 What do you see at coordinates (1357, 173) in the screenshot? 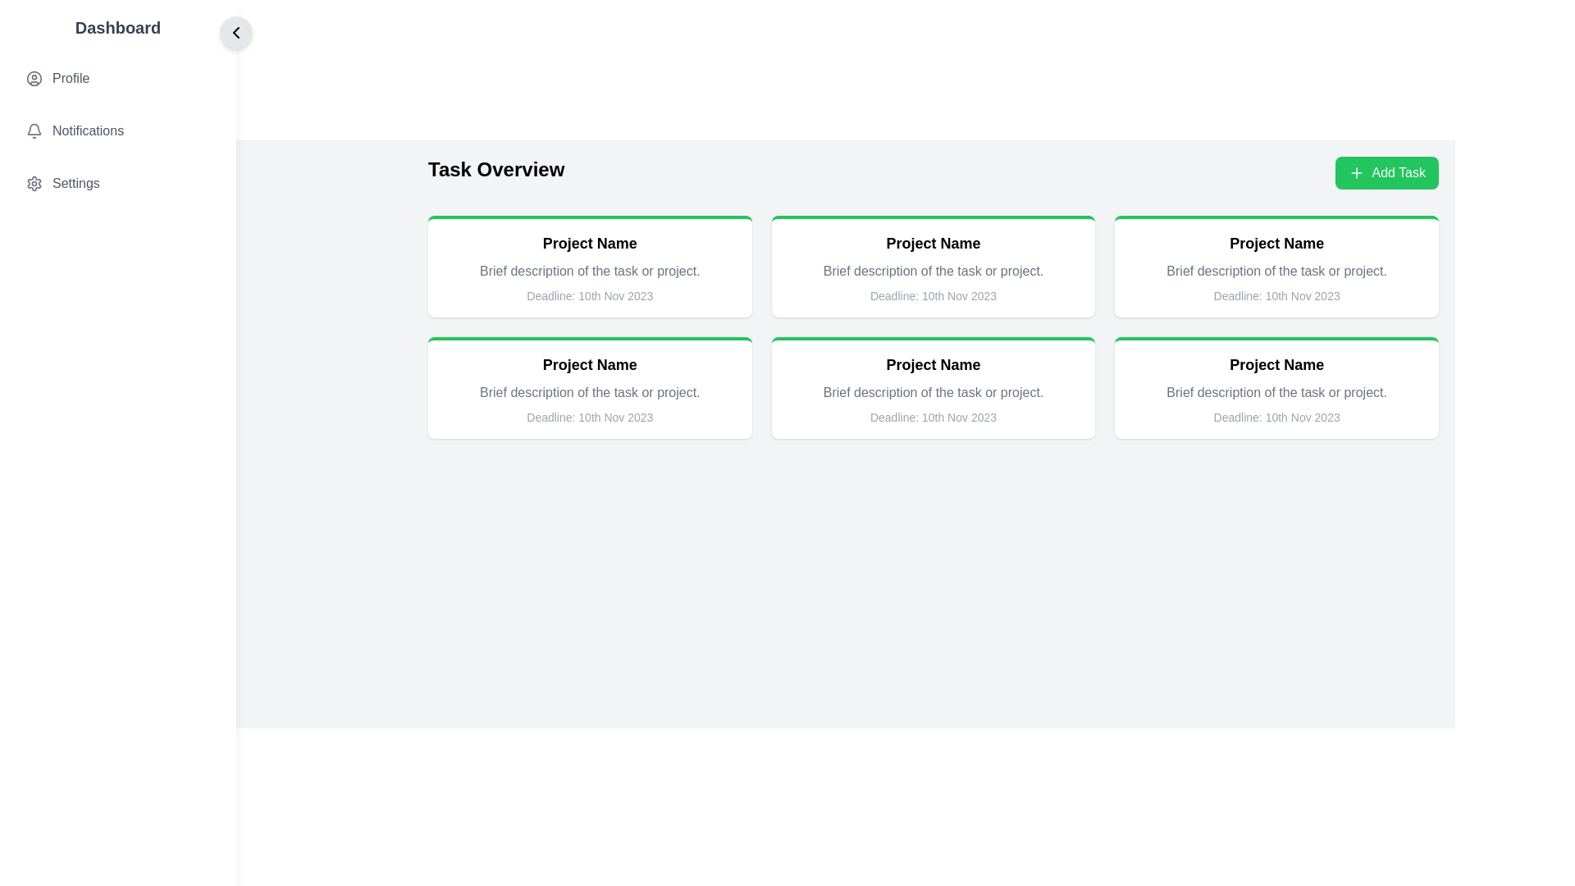
I see `the '+' icon that is centrally aligned inside the 'Add Task' button located at the top-right corner of the interface` at bounding box center [1357, 173].